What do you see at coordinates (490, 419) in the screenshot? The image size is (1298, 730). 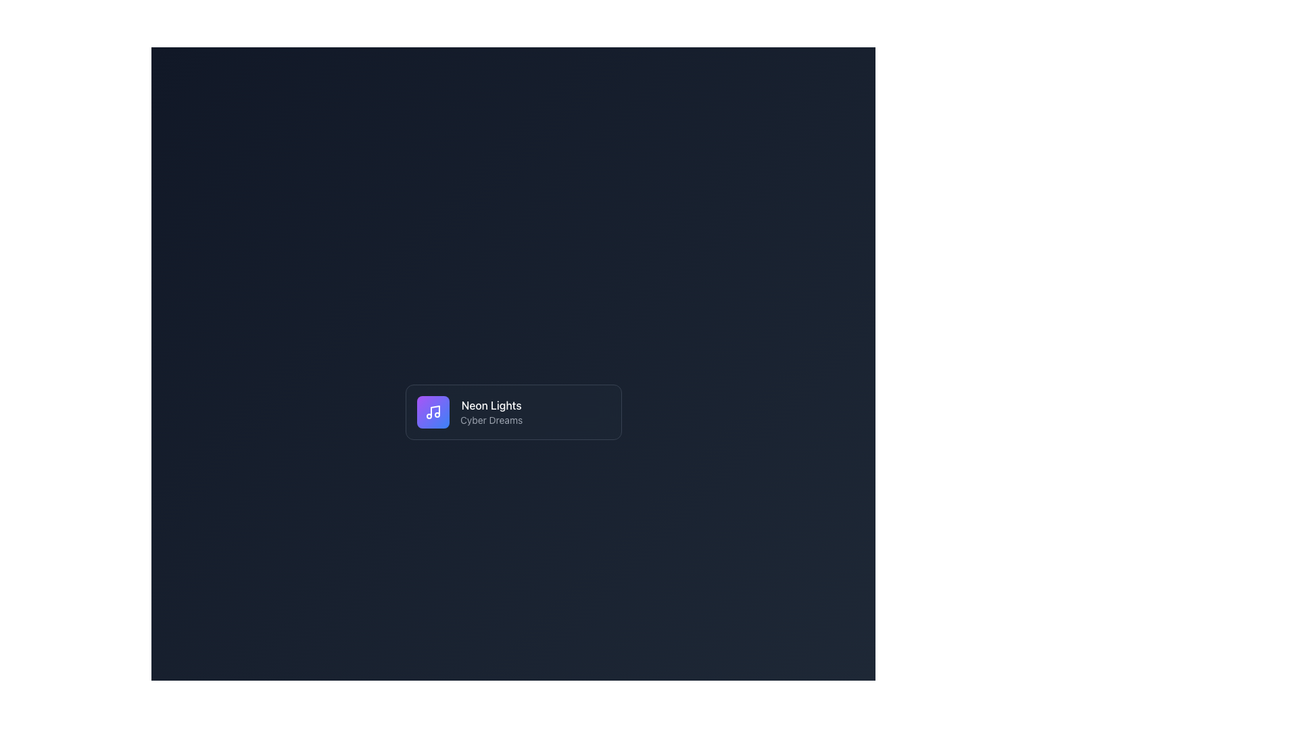 I see `descriptive text label located centrally underneath the primary 'Neon Lights' text in the bottom-right portion of the interface` at bounding box center [490, 419].